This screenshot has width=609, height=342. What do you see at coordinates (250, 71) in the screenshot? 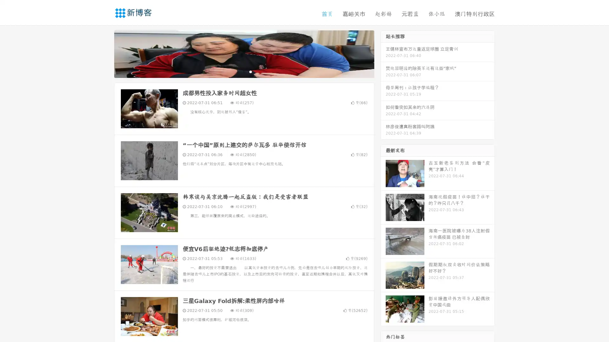
I see `Go to slide 3` at bounding box center [250, 71].